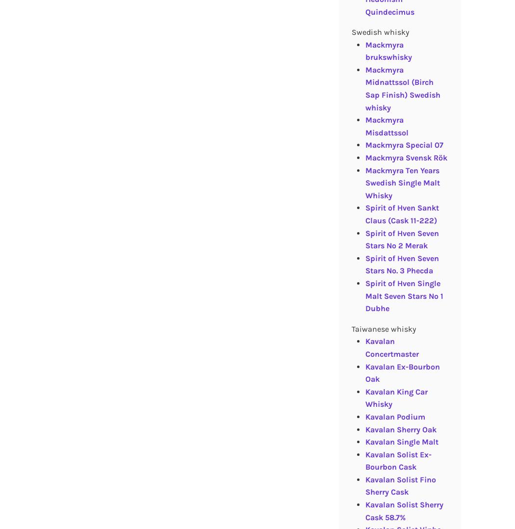 This screenshot has width=515, height=529. What do you see at coordinates (397, 460) in the screenshot?
I see `'Kavalan Solist Ex-Bourbon Cask'` at bounding box center [397, 460].